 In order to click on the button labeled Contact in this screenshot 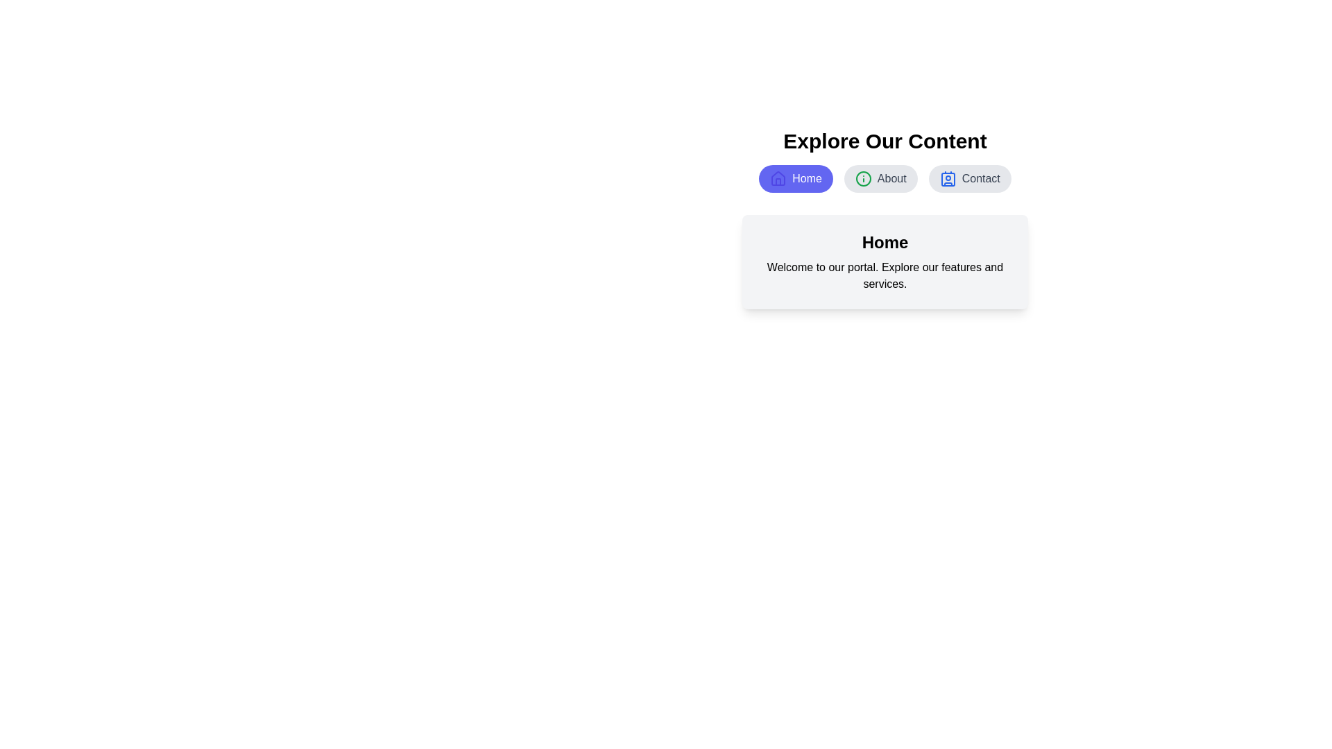, I will do `click(969, 178)`.